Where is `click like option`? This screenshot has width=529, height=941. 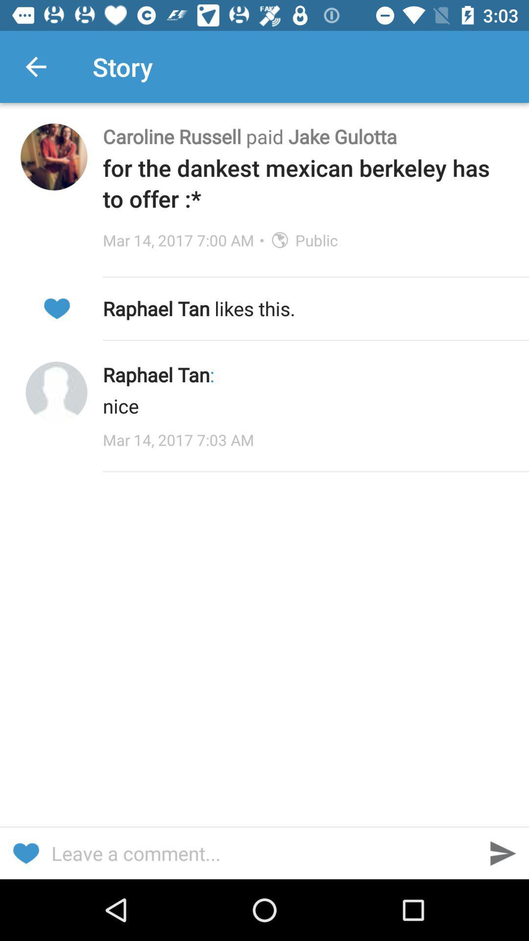
click like option is located at coordinates (56, 308).